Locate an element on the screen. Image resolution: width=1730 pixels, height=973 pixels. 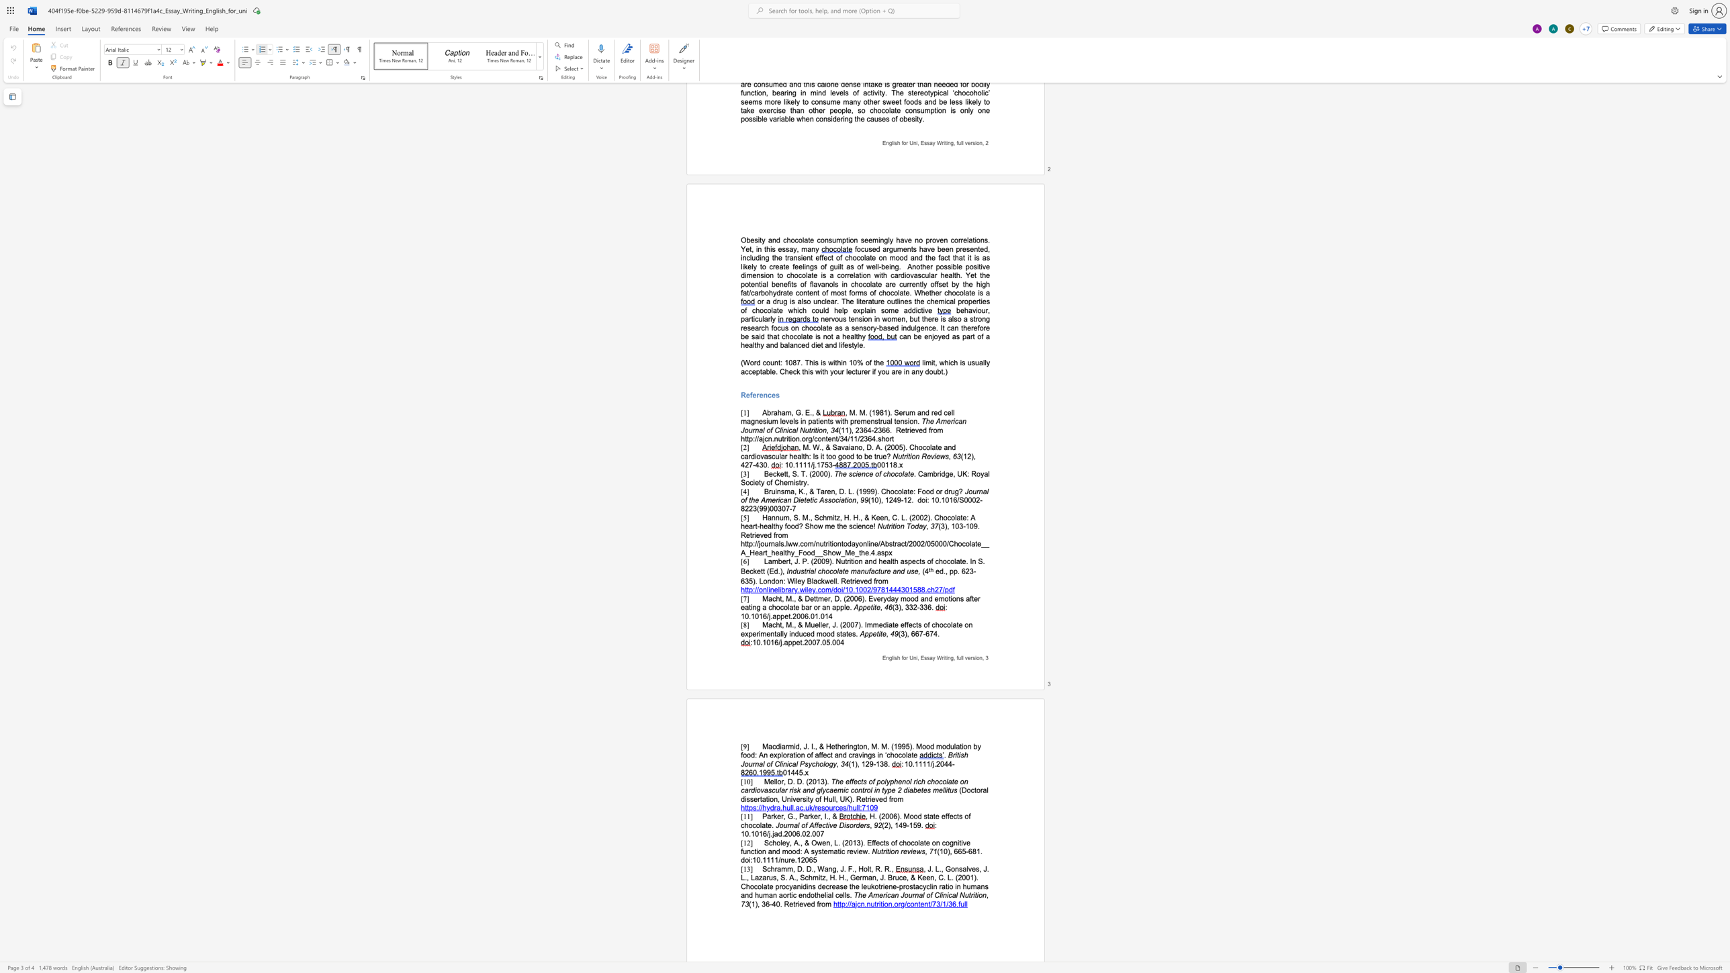
the space between the continuous character "d" and "." in the text is located at coordinates (943, 571).